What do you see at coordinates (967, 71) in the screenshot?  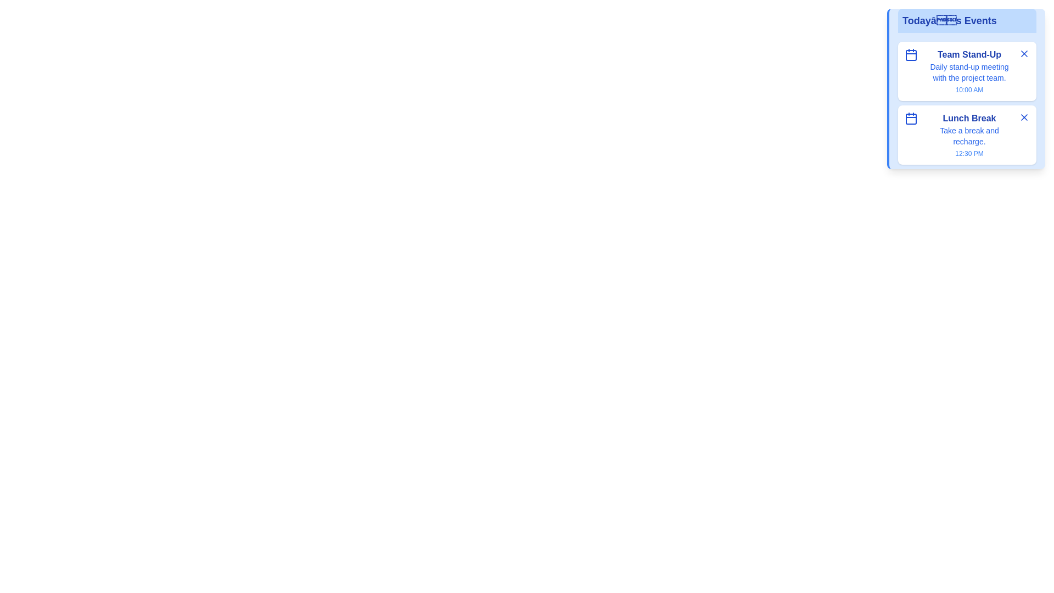 I see `the event titled 'Team Stand-Up' to observe hover effects` at bounding box center [967, 71].